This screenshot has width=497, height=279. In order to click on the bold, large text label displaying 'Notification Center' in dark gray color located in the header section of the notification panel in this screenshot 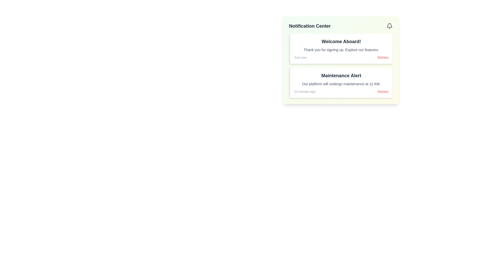, I will do `click(310, 26)`.